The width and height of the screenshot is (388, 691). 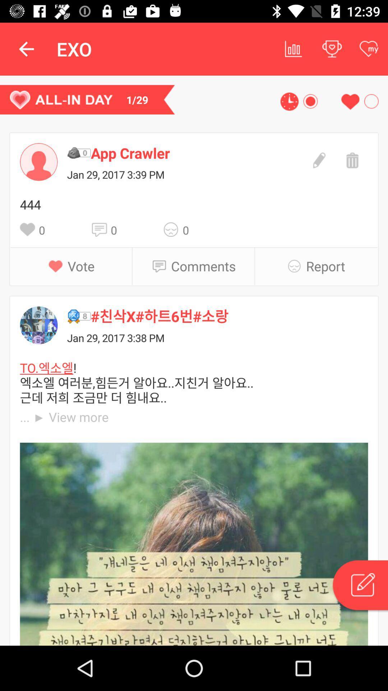 What do you see at coordinates (289, 101) in the screenshot?
I see `the icon next to the 1/29` at bounding box center [289, 101].